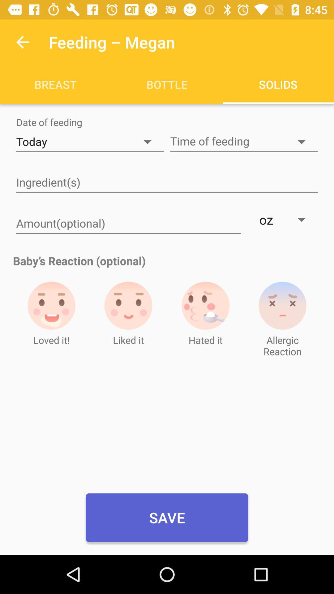 The height and width of the screenshot is (594, 334). Describe the element at coordinates (244, 141) in the screenshot. I see `time of feeding button` at that location.